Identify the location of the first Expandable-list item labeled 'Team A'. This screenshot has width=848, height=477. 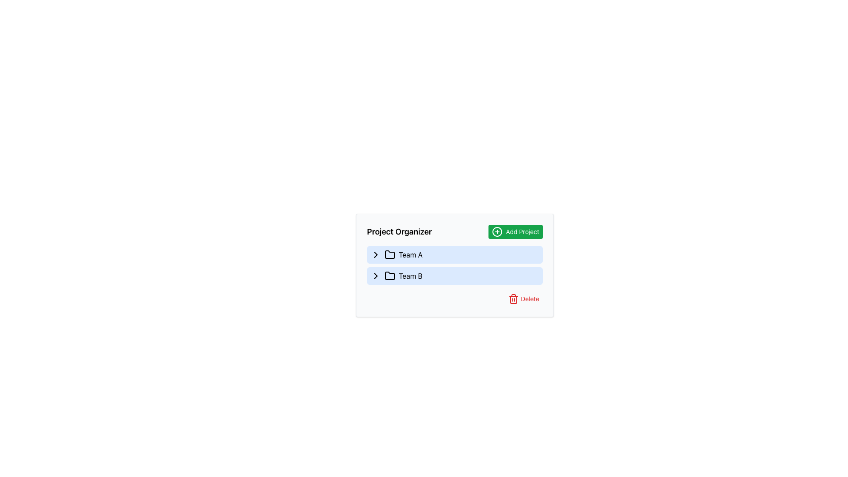
(455, 255).